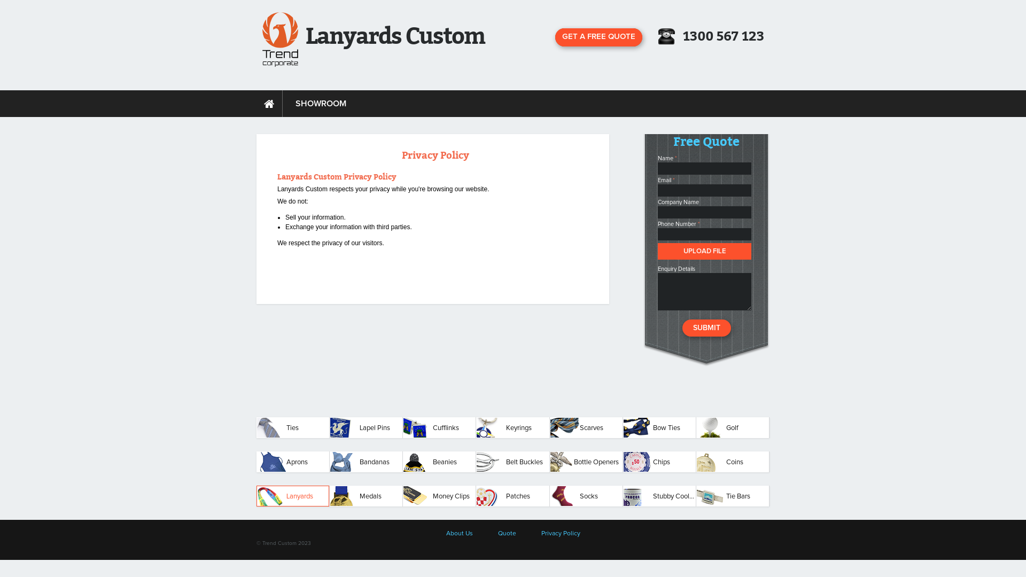 This screenshot has width=1026, height=577. What do you see at coordinates (658, 496) in the screenshot?
I see `'Stubby Coolers'` at bounding box center [658, 496].